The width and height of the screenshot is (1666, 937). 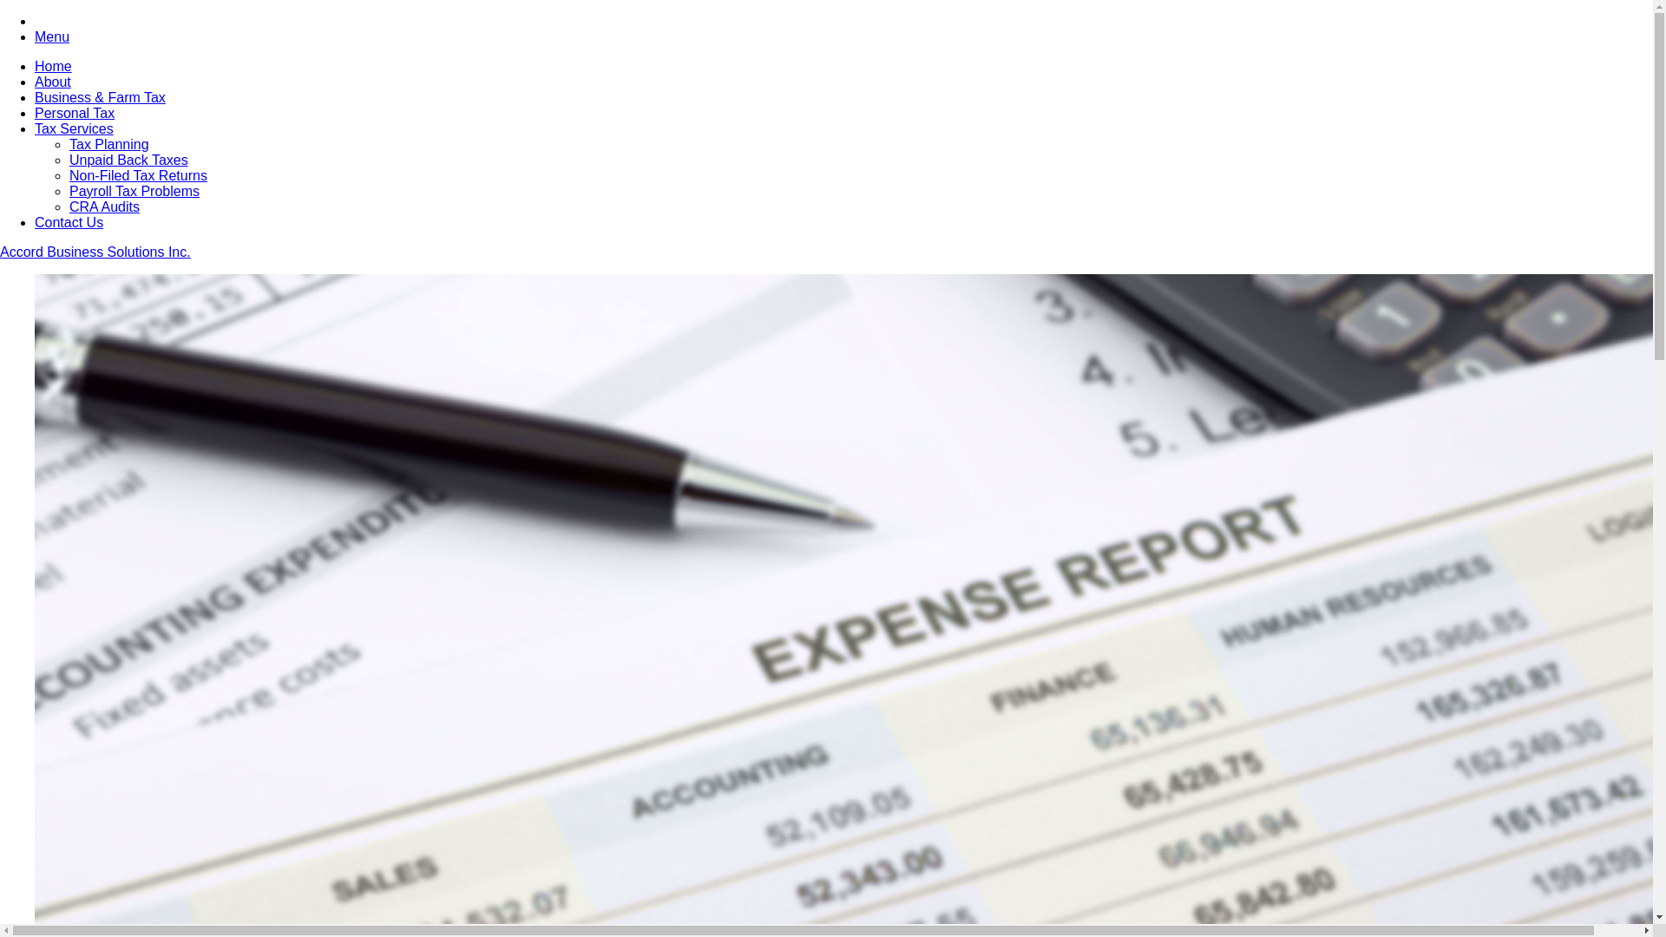 I want to click on 'CRA Audits', so click(x=103, y=206).